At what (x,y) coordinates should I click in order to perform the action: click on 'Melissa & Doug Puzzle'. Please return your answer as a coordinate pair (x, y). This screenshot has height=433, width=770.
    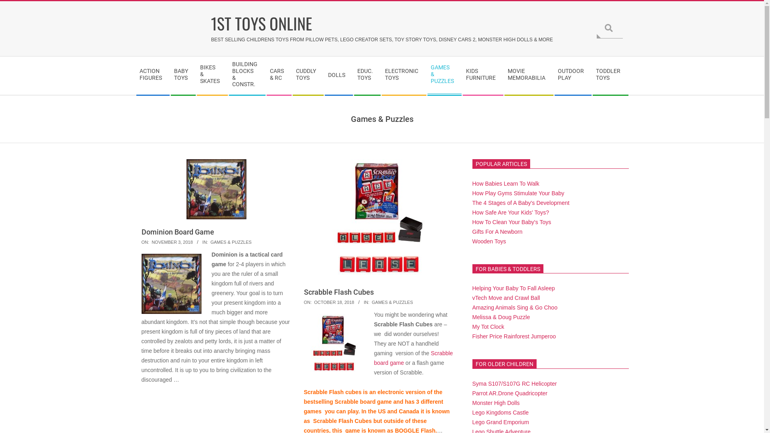
    Looking at the image, I should click on (472, 316).